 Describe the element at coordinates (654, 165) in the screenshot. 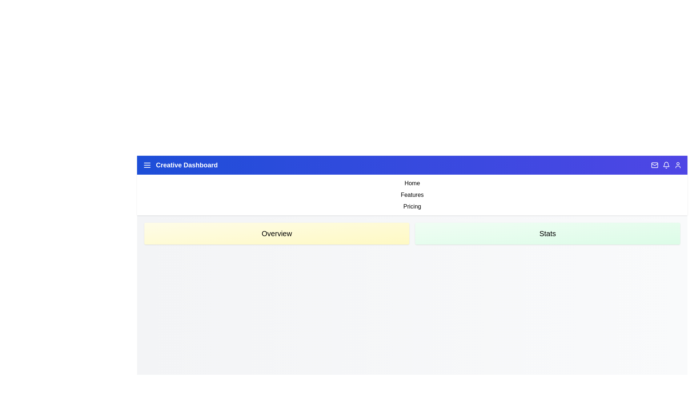

I see `the Mail icon in the header` at that location.